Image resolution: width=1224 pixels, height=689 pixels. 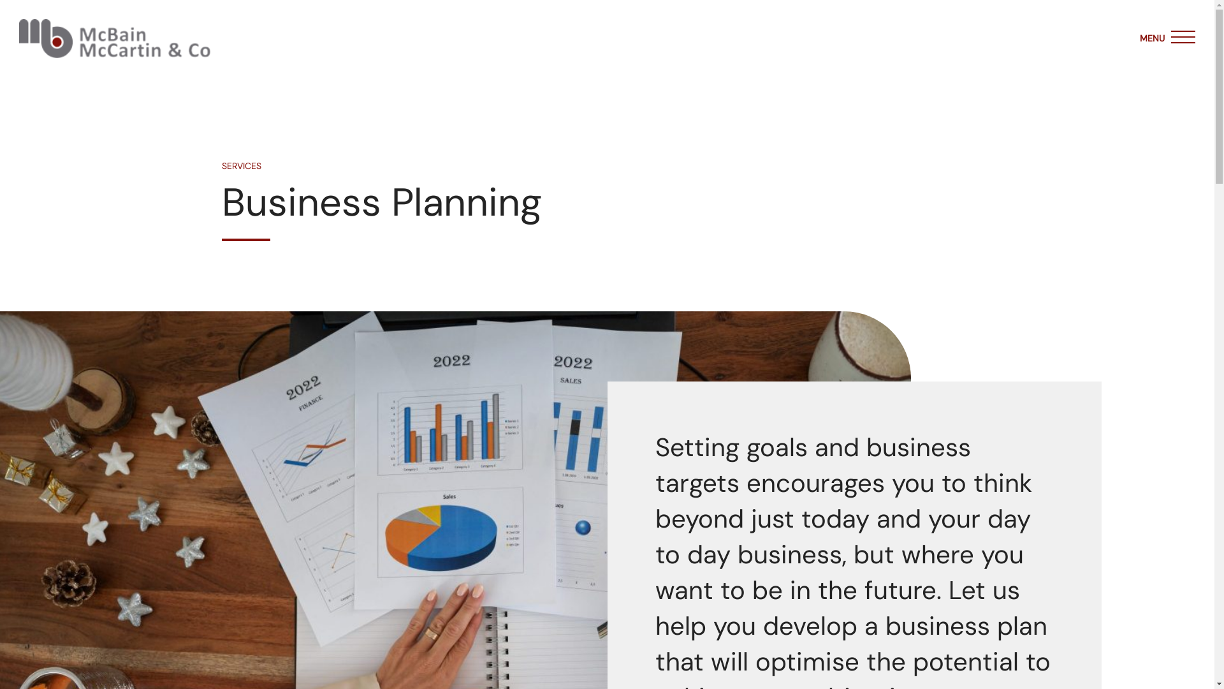 I want to click on 'McBain McCartin &amp; Co', so click(x=115, y=38).